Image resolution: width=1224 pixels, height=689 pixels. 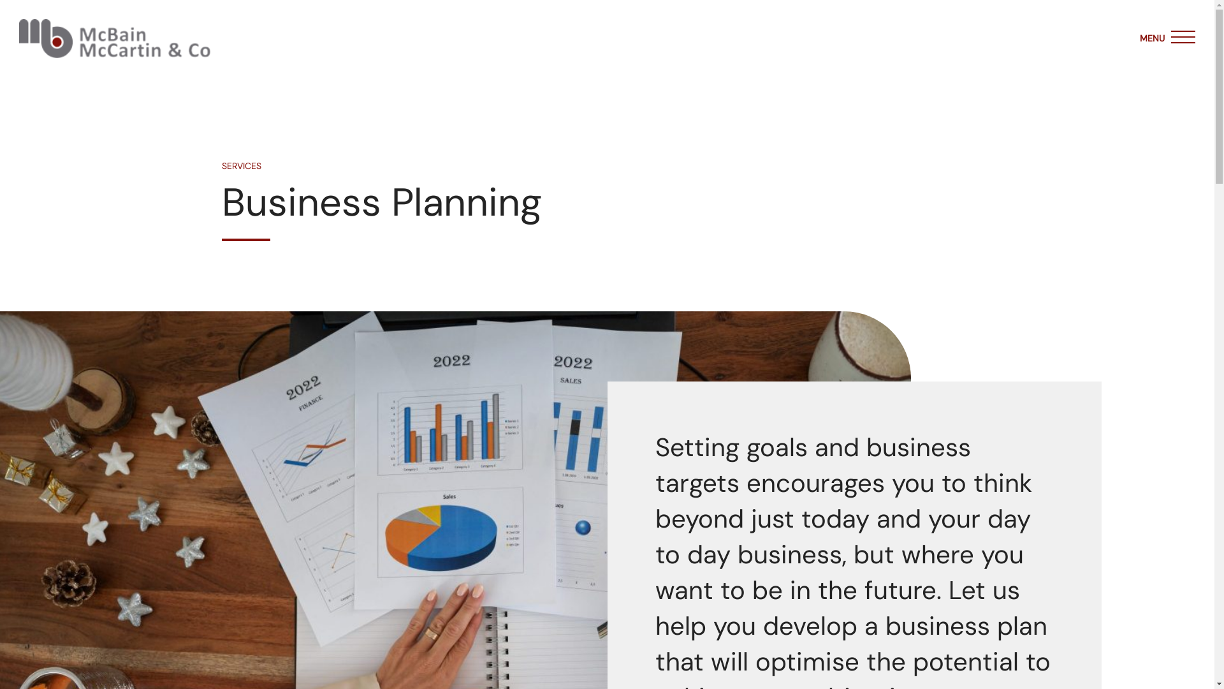 I want to click on 'McBain McCartin &amp; Co', so click(x=115, y=38).